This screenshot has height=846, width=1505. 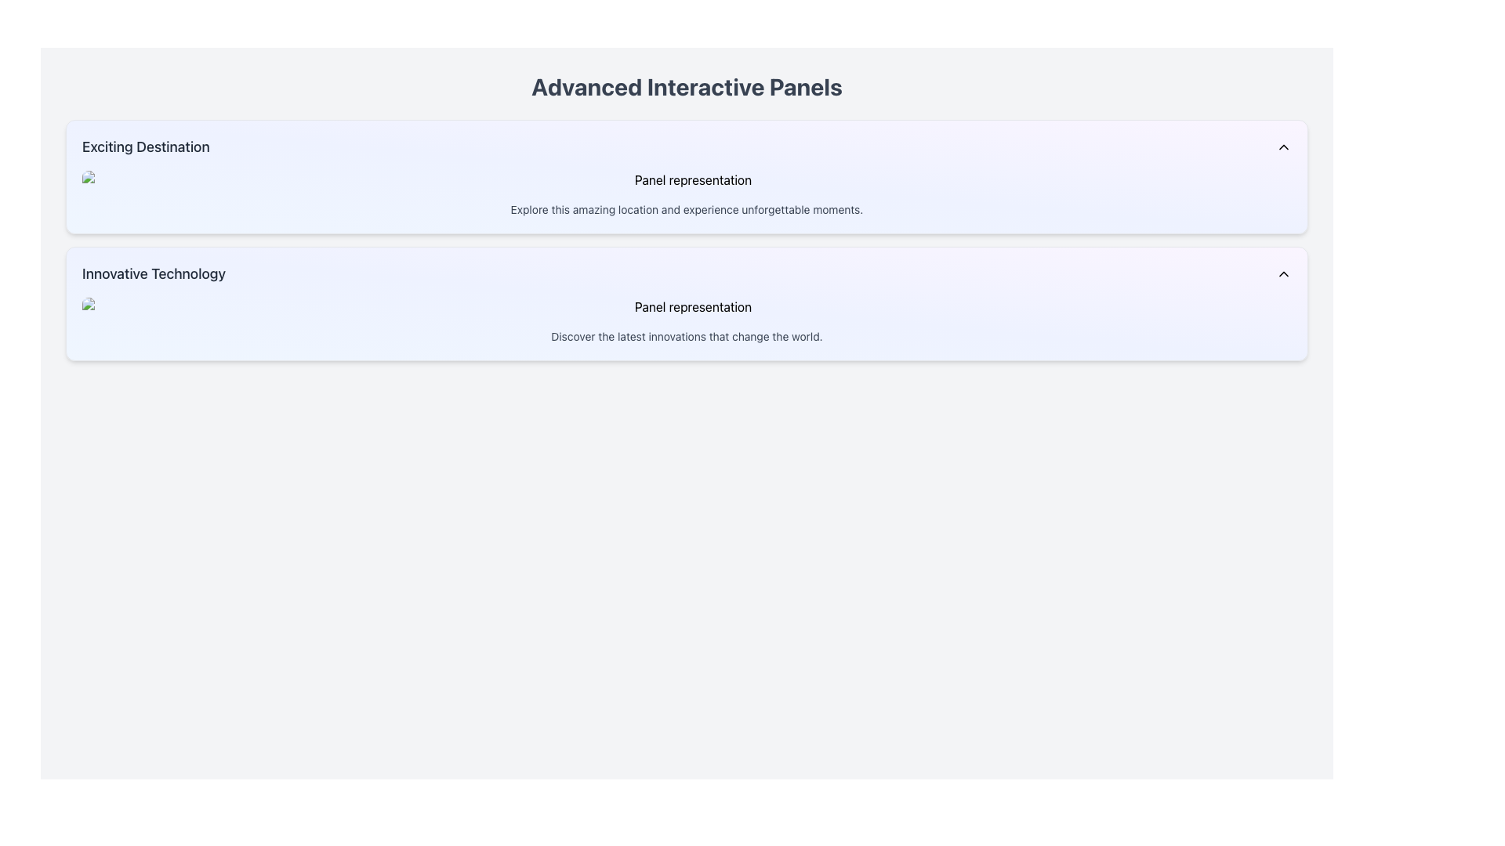 I want to click on the chevron-shaped icon pointing upwards, located at the right end of the 'Innovative Technology' section, so click(x=1283, y=273).